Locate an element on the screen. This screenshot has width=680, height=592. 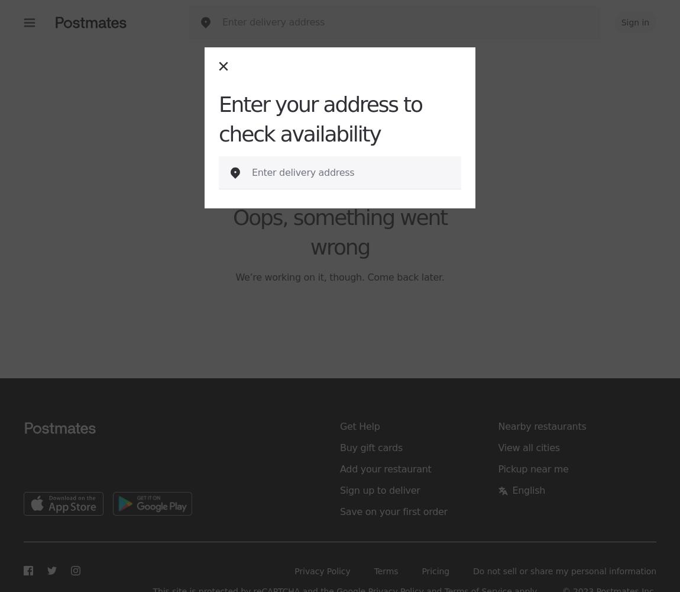
'Get Help' is located at coordinates (359, 426).